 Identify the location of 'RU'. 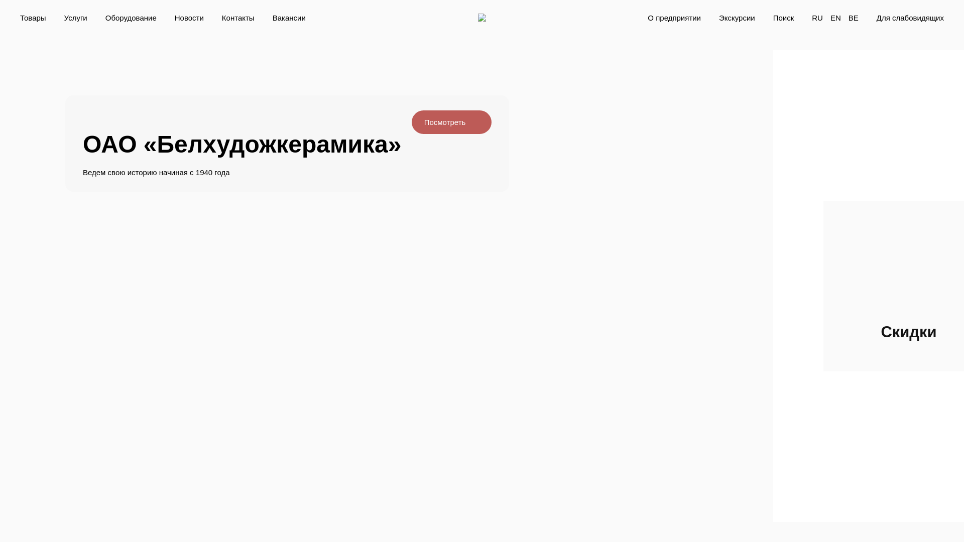
(817, 17).